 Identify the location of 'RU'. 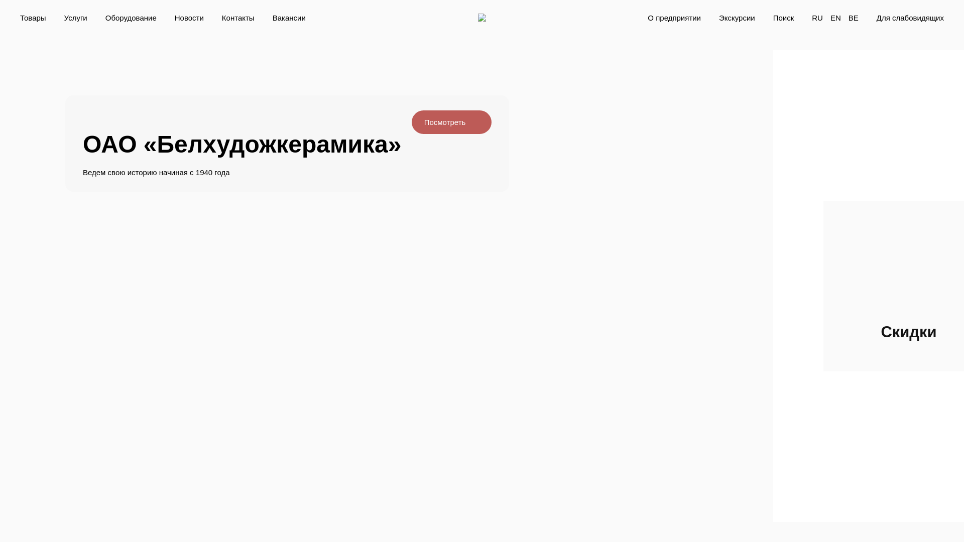
(817, 17).